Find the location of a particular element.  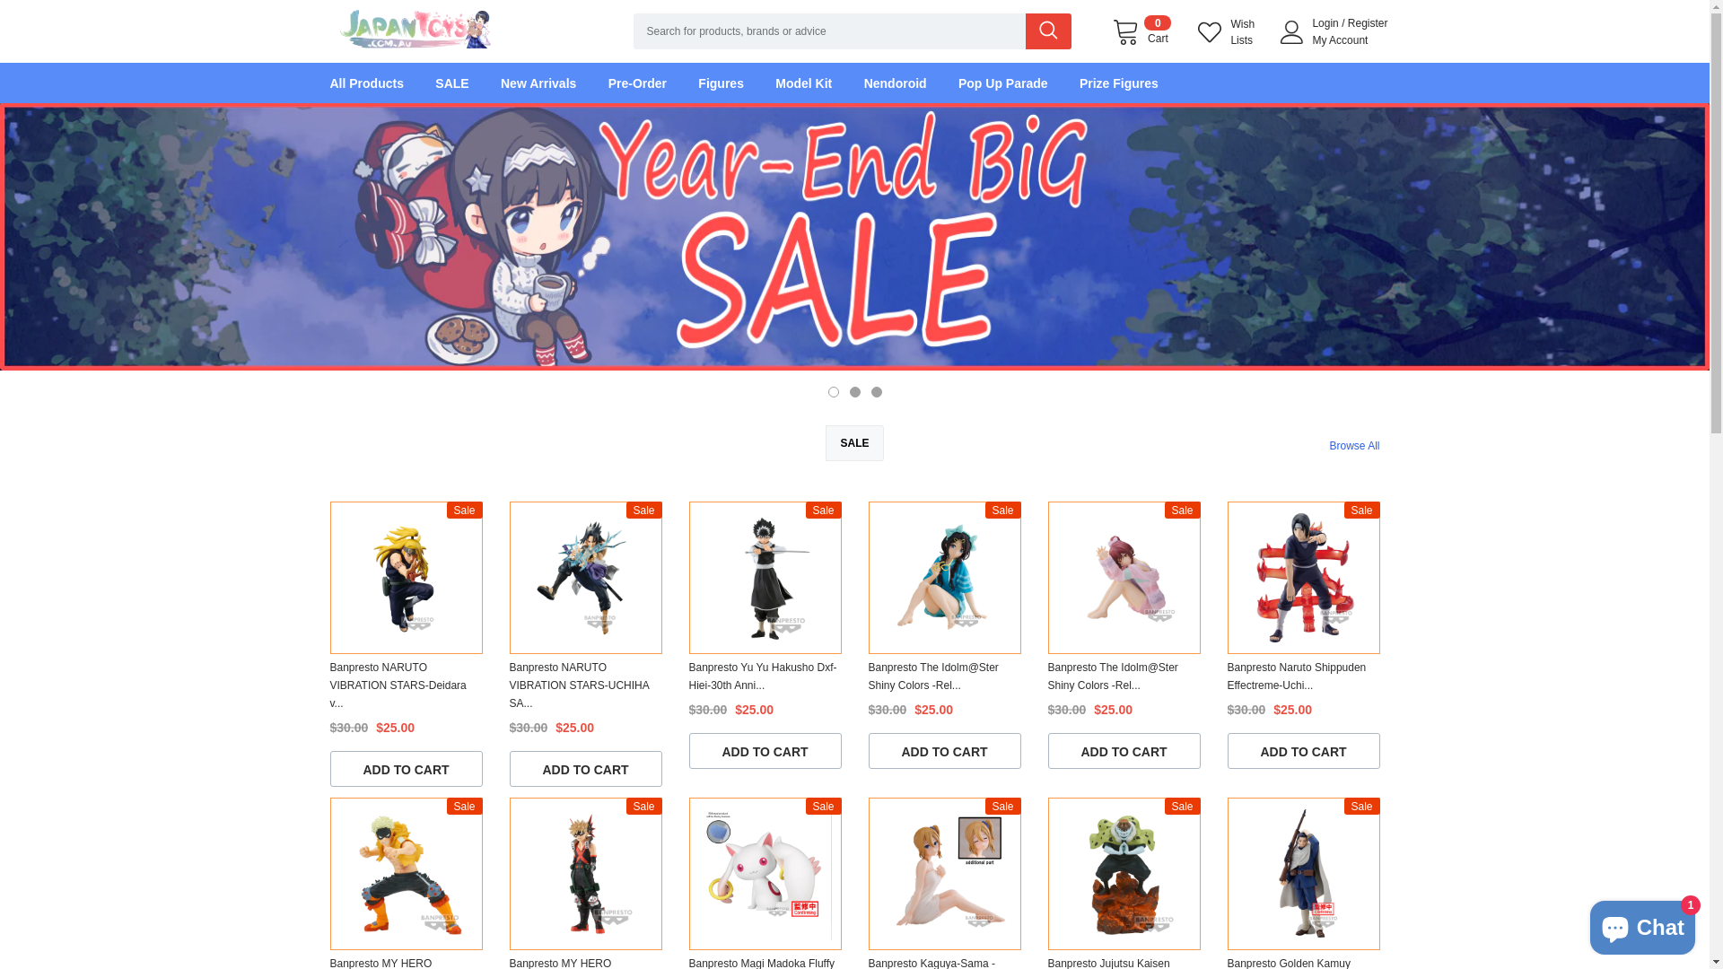

'Banpresto The Idolm@Ster Shiny Colors -Rel...' is located at coordinates (1123, 676).